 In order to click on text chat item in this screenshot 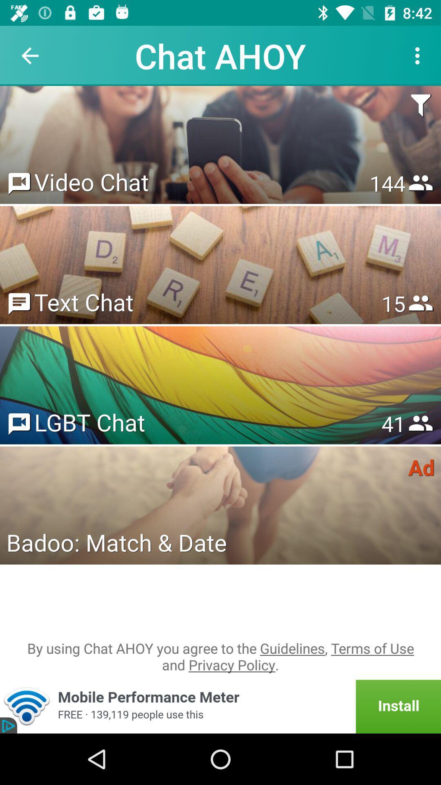, I will do `click(84, 301)`.